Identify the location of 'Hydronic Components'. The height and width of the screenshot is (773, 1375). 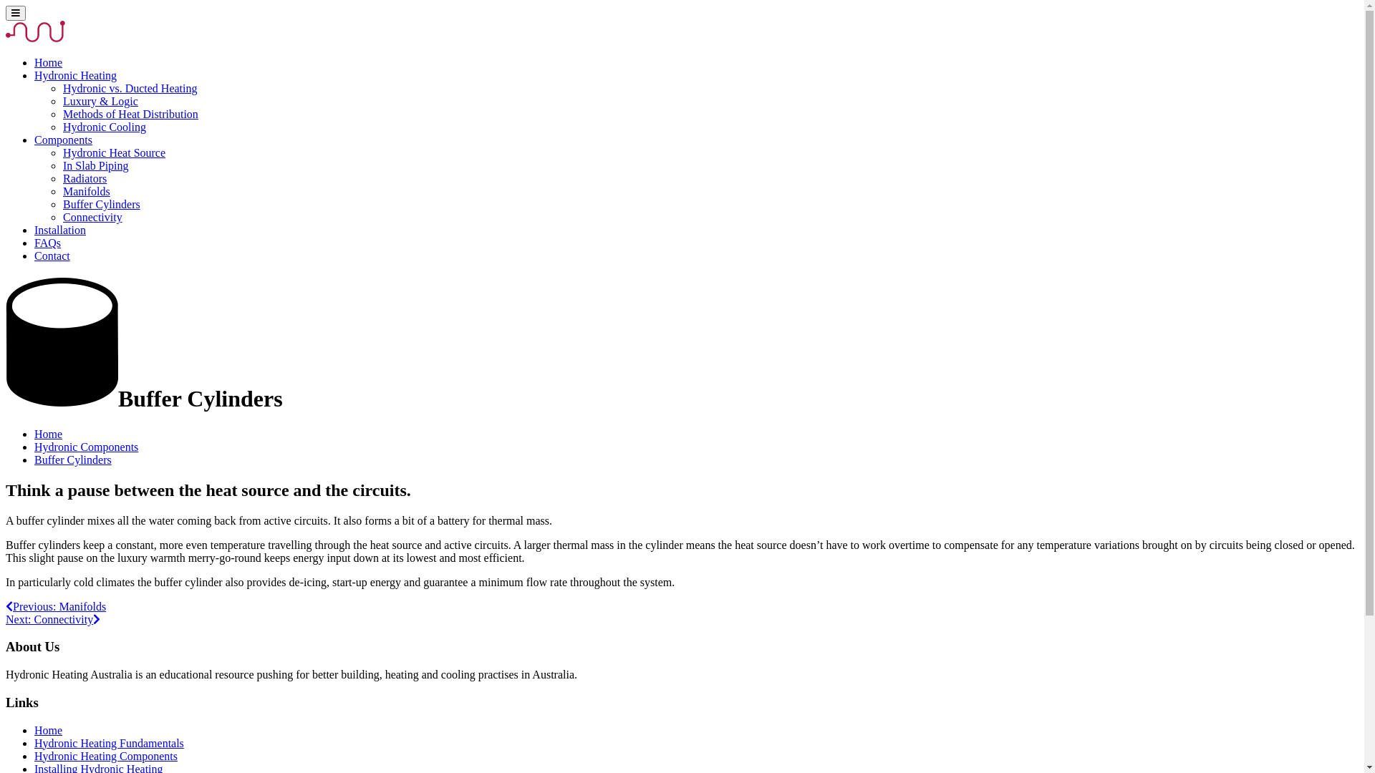
(85, 446).